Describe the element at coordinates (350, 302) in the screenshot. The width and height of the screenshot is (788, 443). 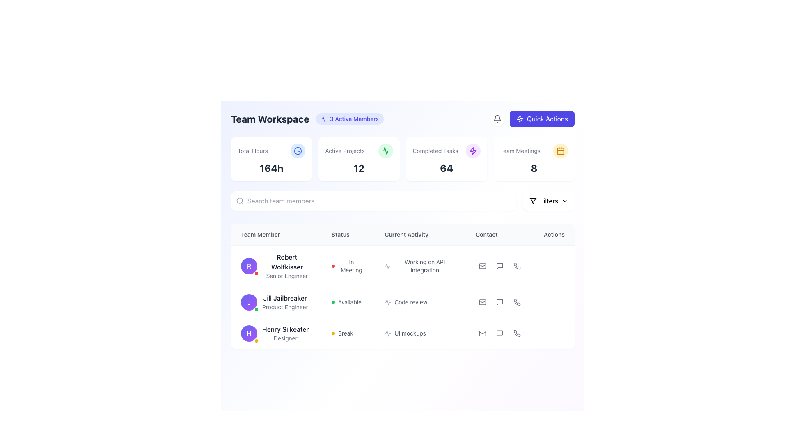
I see `the 'Available' text label in the 'Status' column for the user 'Jill Jailbreaker', which is styled in a small gray font and located next to a circular green indicator` at that location.